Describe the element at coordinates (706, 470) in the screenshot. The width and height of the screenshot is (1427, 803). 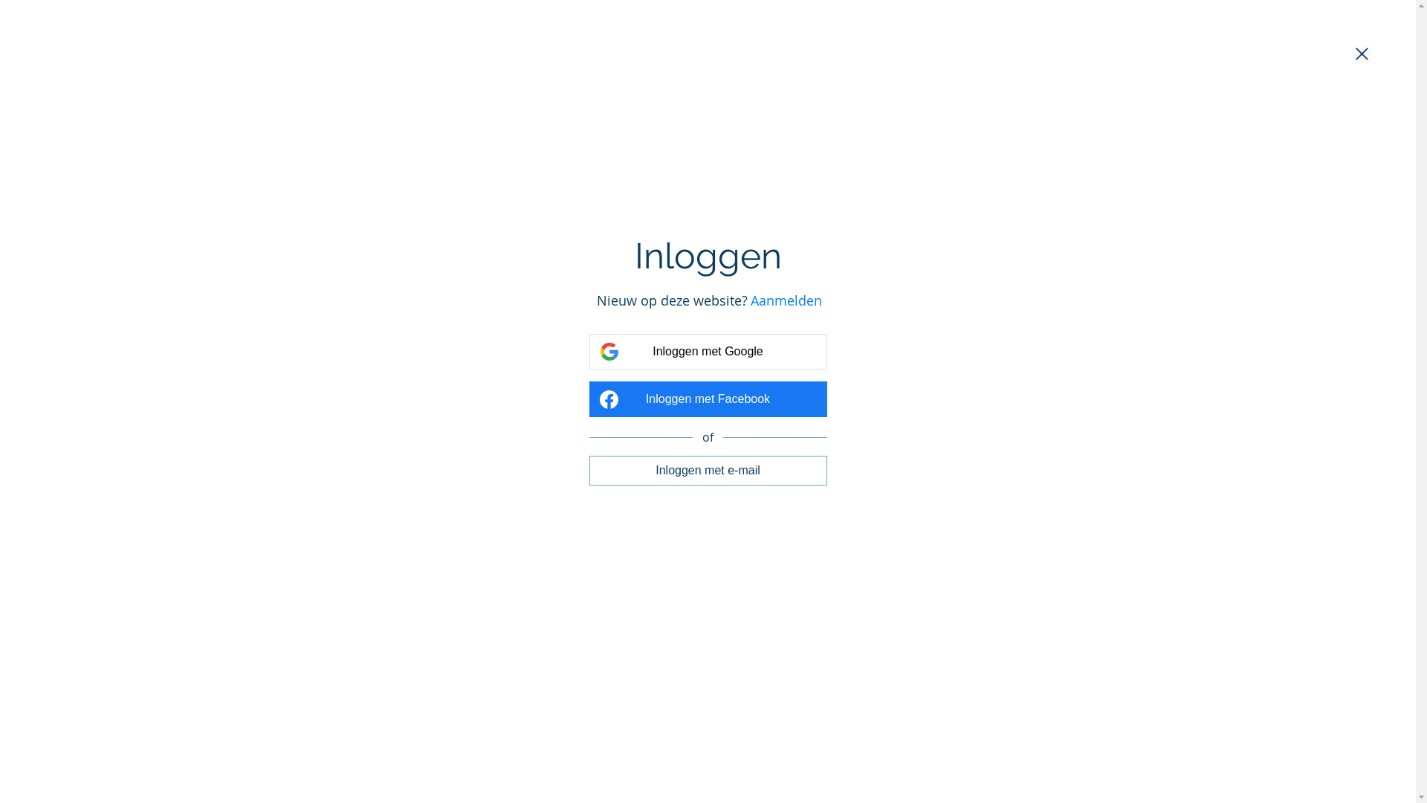
I see `'Inloggen met e-mail'` at that location.